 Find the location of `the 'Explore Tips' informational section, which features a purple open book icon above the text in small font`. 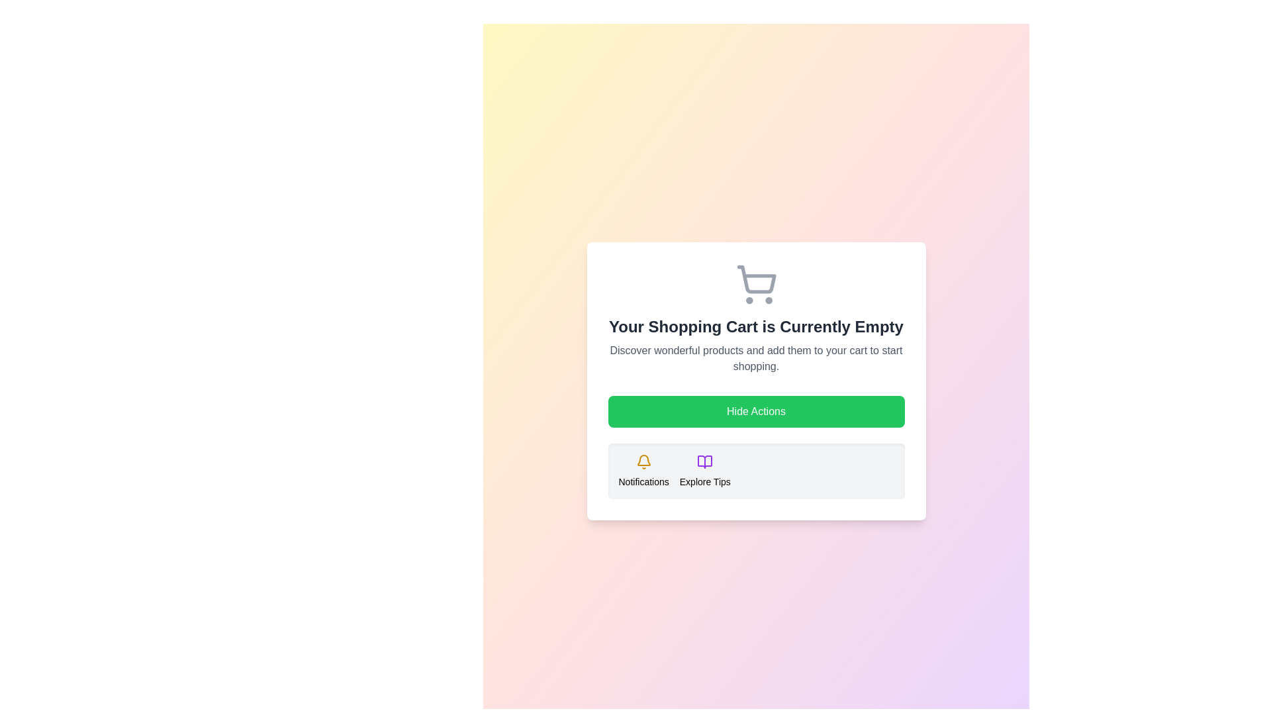

the 'Explore Tips' informational section, which features a purple open book icon above the text in small font is located at coordinates (704, 471).